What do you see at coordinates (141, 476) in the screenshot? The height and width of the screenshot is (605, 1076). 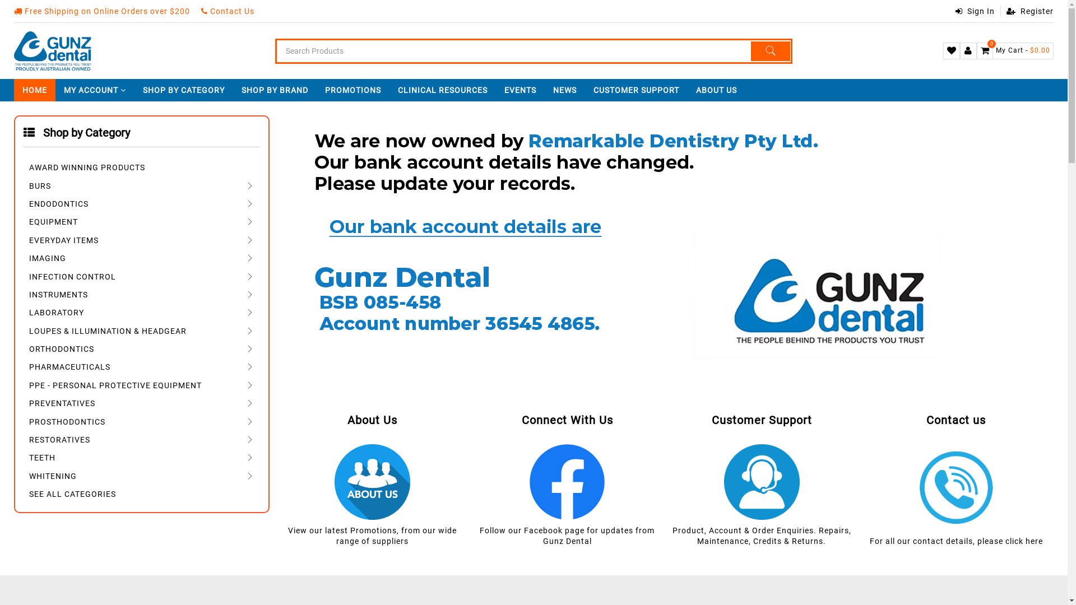 I see `'WHITENING'` at bounding box center [141, 476].